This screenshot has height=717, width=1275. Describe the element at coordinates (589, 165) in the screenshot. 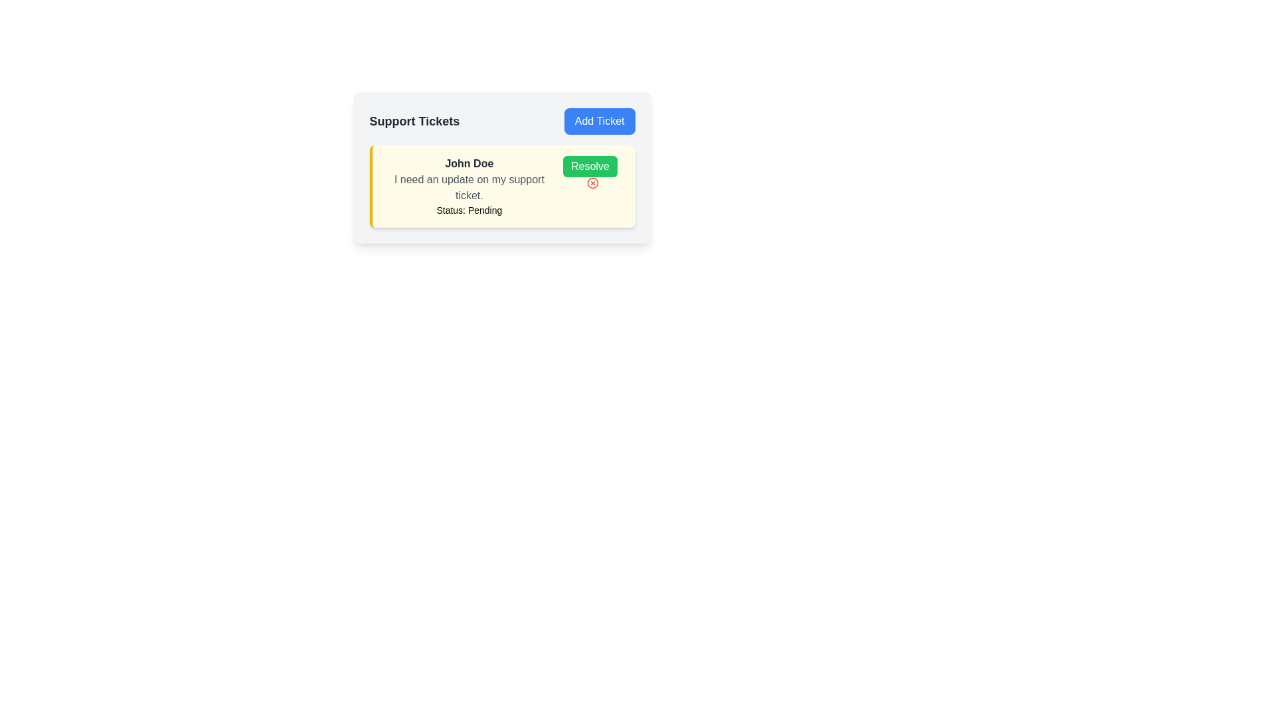

I see `the support ticket resolution button located on the right side of the ticket information box, above the red icon` at that location.